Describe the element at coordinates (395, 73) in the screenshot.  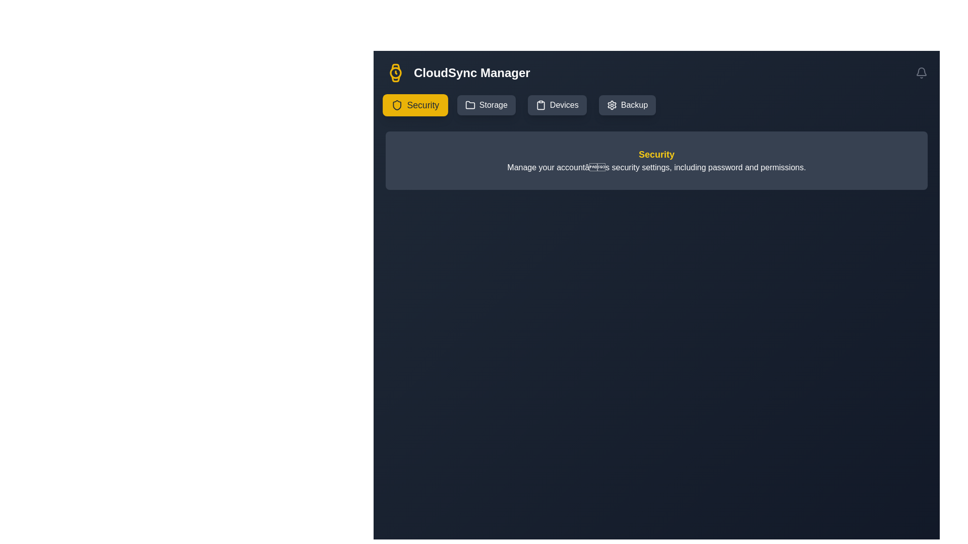
I see `the yellow watch icon located at the top left of the interface, preceding the 'CloudSync Manager' text in the header section` at that location.